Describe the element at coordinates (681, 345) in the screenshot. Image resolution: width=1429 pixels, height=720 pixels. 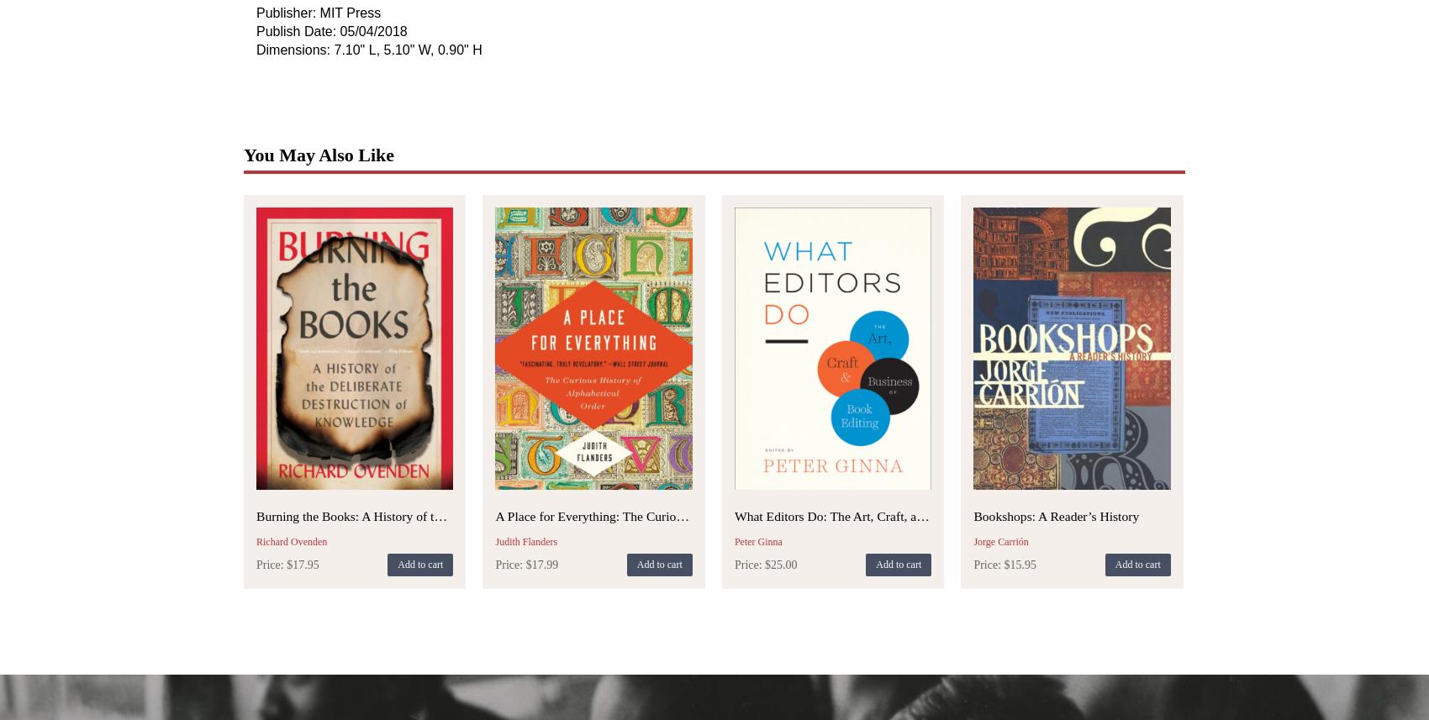
I see `'Times Literary Supplement'` at that location.